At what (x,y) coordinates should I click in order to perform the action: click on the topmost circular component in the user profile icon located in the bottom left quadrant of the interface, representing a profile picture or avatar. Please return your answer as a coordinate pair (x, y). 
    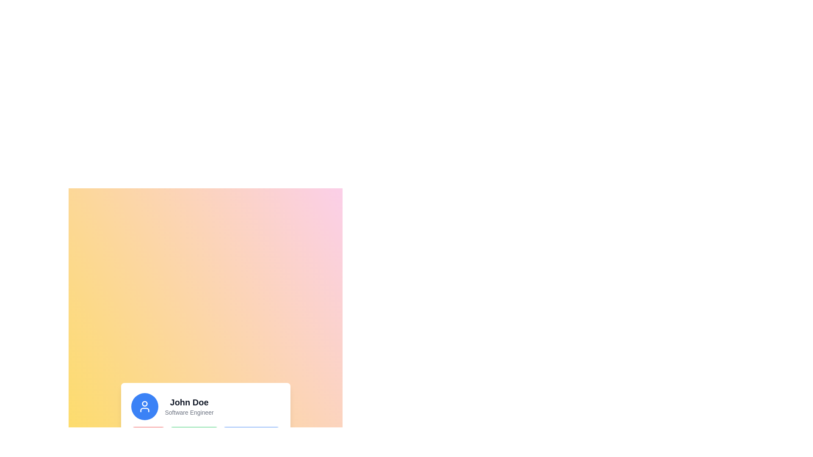
    Looking at the image, I should click on (144, 403).